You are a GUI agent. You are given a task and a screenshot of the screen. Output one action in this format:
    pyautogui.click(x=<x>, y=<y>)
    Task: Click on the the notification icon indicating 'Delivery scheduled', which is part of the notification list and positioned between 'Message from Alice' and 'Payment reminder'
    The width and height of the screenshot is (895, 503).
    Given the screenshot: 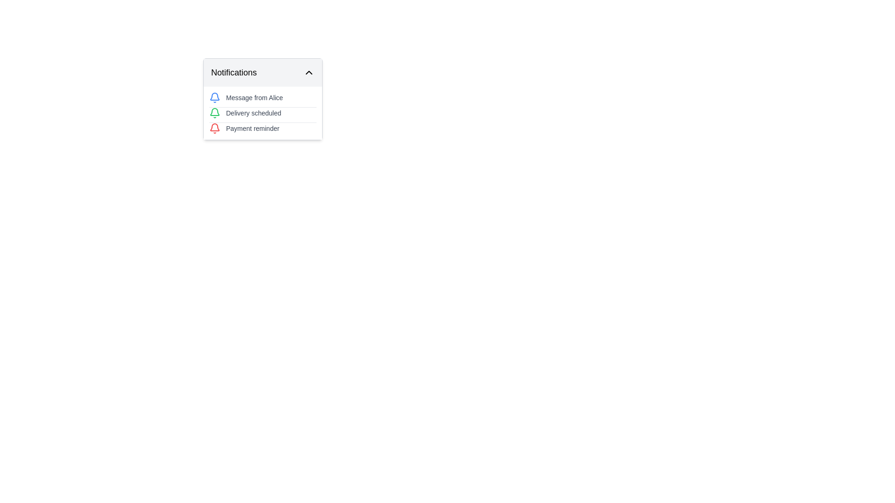 What is the action you would take?
    pyautogui.click(x=214, y=113)
    